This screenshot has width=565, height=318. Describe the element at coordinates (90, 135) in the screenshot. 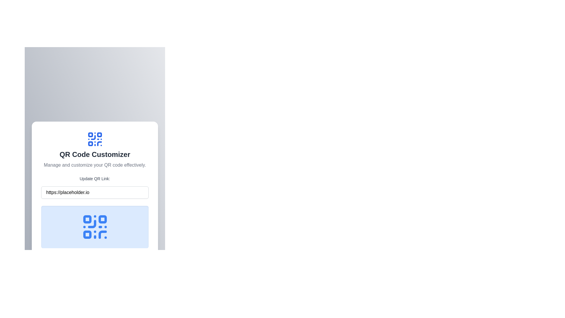

I see `the top-left square decorative element with rounded corners located within a QR code design` at that location.